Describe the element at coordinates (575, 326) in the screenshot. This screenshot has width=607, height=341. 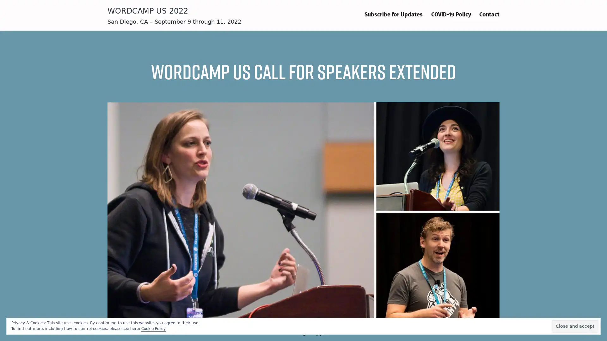
I see `Close and accept` at that location.